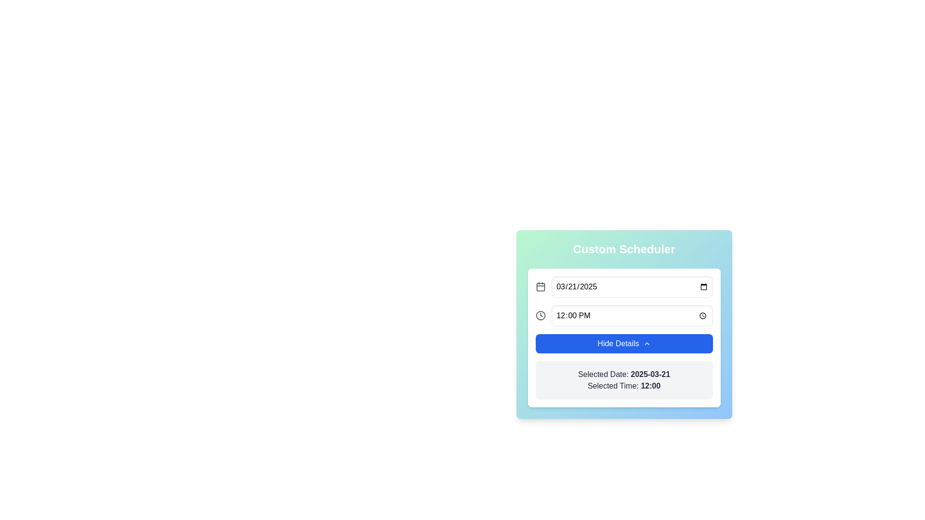 The image size is (925, 520). Describe the element at coordinates (624, 300) in the screenshot. I see `the date and time input fields in the 'Custom Scheduler' card layout` at that location.